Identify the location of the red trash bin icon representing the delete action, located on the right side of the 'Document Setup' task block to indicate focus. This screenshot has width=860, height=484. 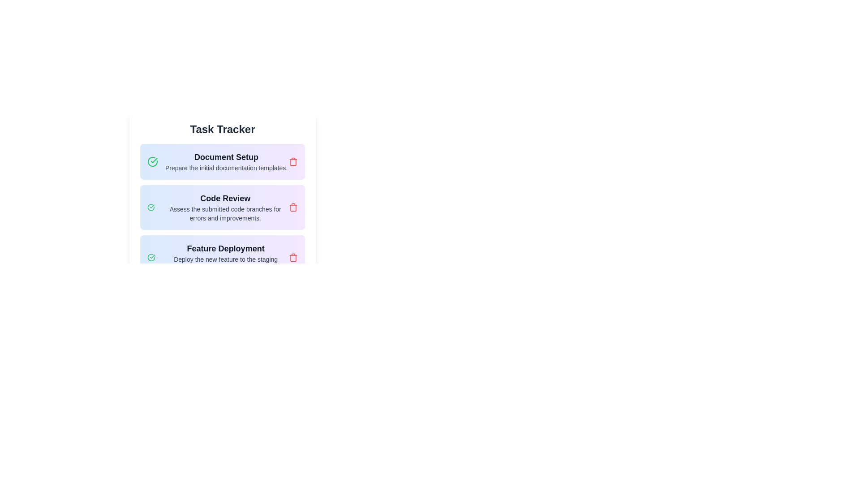
(293, 162).